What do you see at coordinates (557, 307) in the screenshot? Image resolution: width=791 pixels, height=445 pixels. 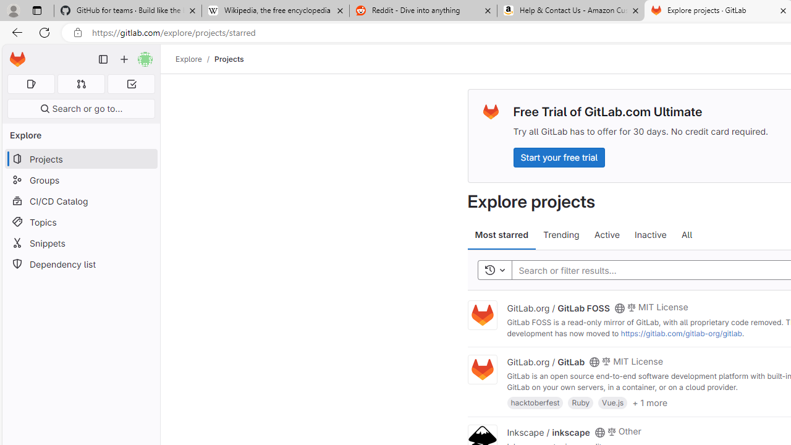 I see `'GitLab.org / GitLab FOSS'` at bounding box center [557, 307].